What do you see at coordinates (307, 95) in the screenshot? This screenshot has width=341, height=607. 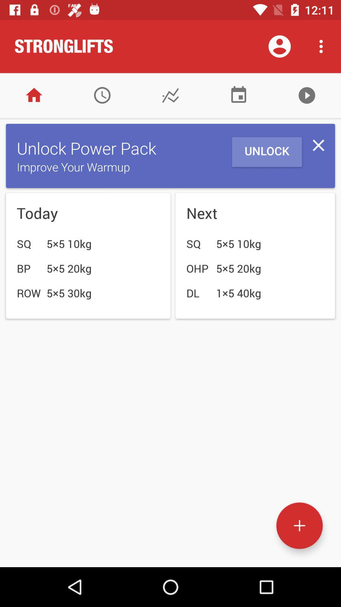 I see `the program` at bounding box center [307, 95].